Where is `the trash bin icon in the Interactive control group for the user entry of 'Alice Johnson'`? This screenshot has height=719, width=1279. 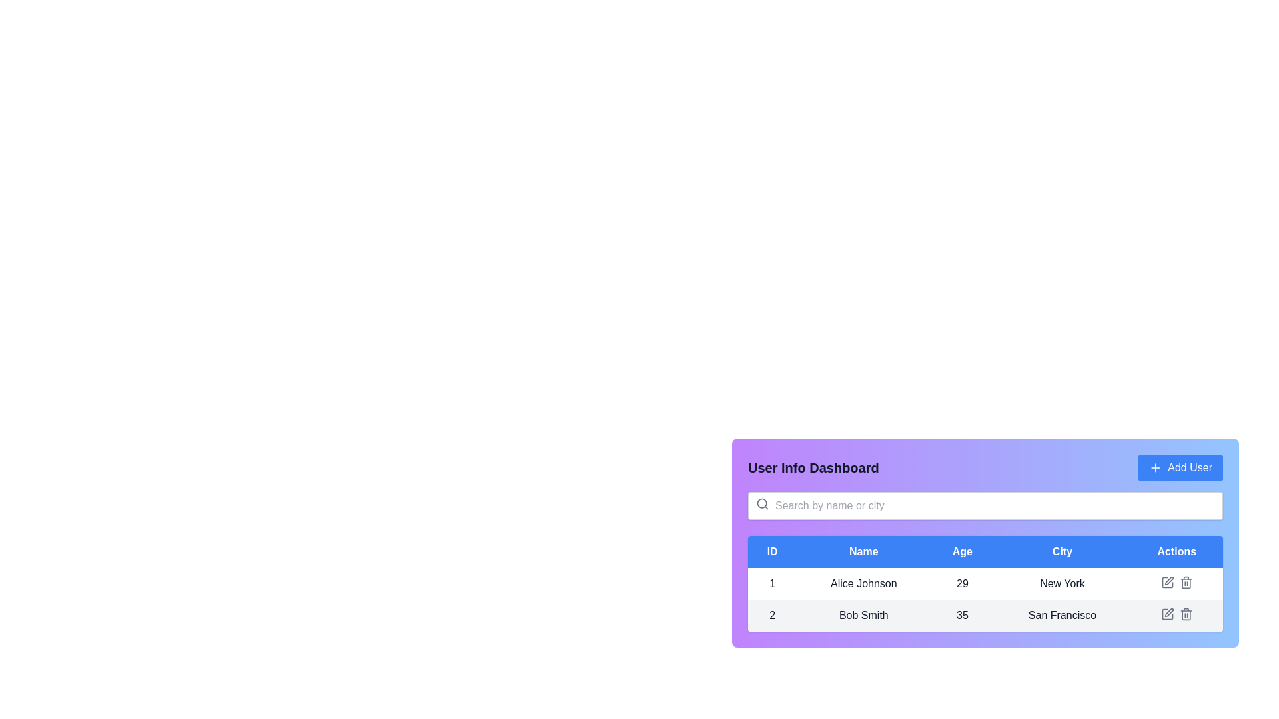 the trash bin icon in the Interactive control group for the user entry of 'Alice Johnson' is located at coordinates (1176, 582).